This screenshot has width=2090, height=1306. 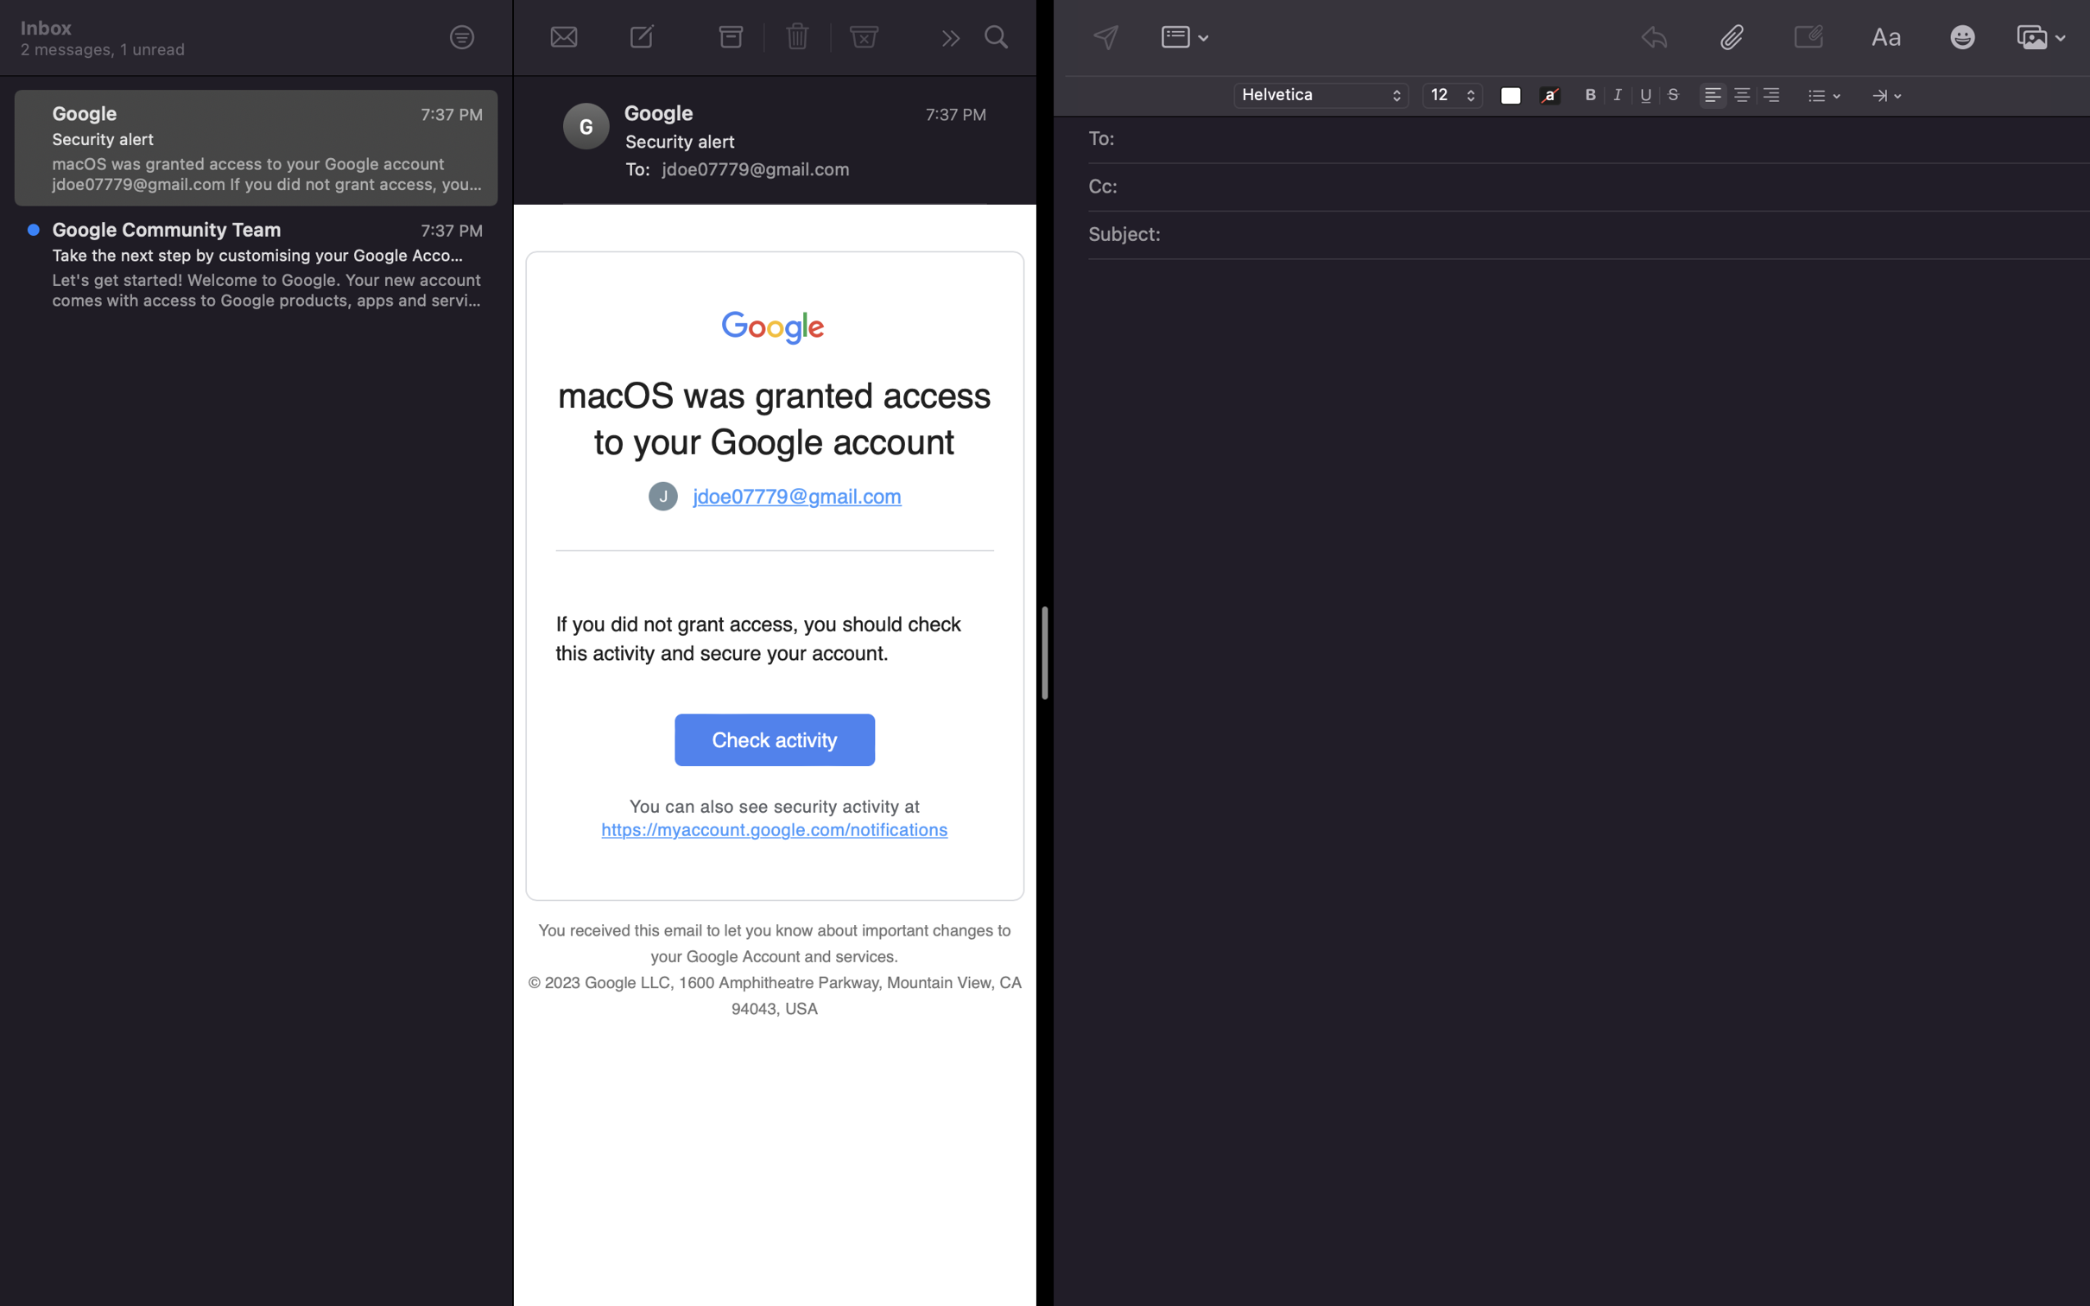 What do you see at coordinates (1591, 93) in the screenshot?
I see `the text style to bold and adjust the font size to the value of 21` at bounding box center [1591, 93].